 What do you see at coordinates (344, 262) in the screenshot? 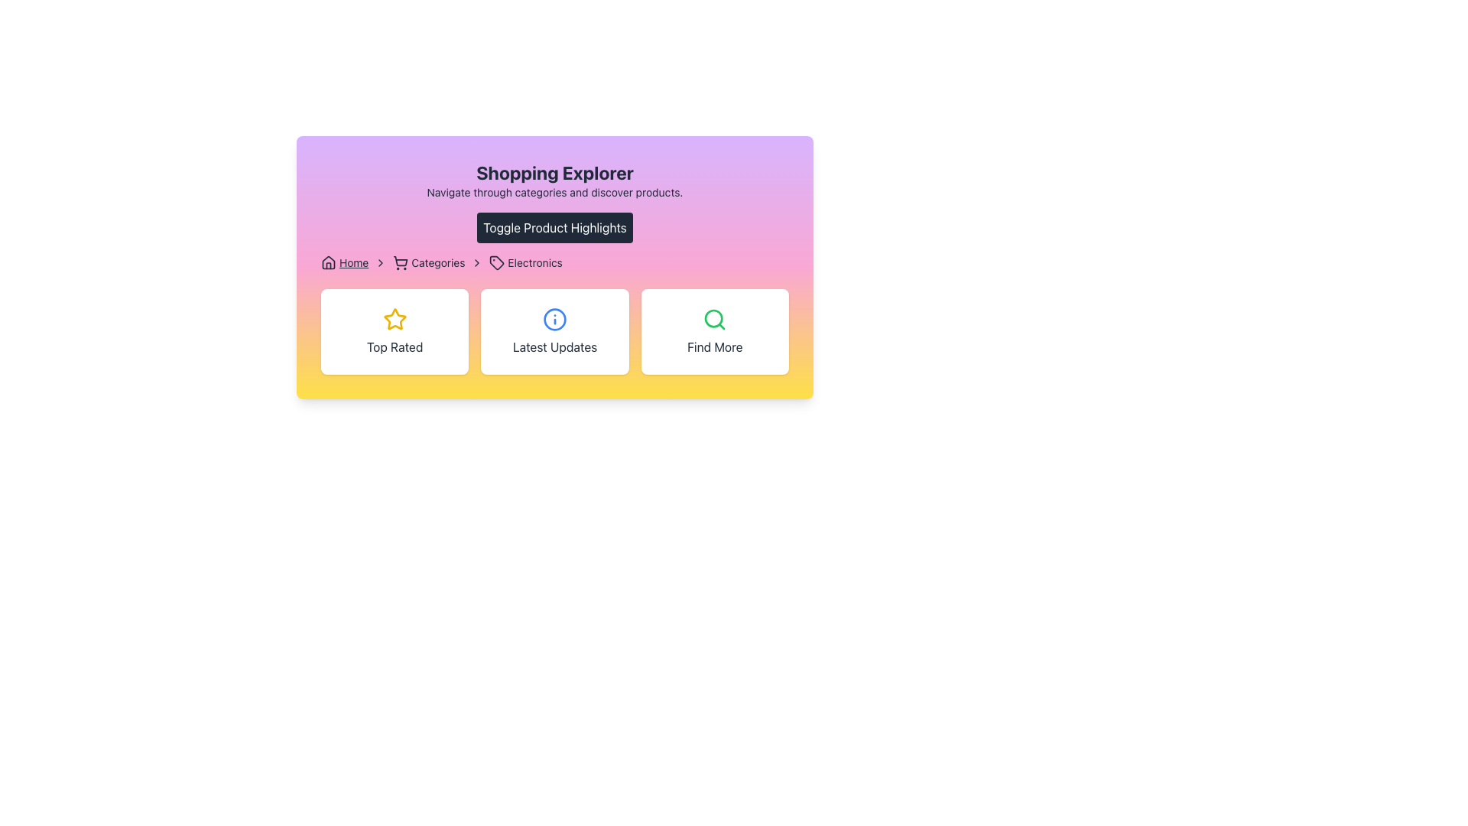
I see `the 'Home' breadcrumb navigation link, which is styled with an underline and located in the top-left portion of the breadcrumb bar` at bounding box center [344, 262].